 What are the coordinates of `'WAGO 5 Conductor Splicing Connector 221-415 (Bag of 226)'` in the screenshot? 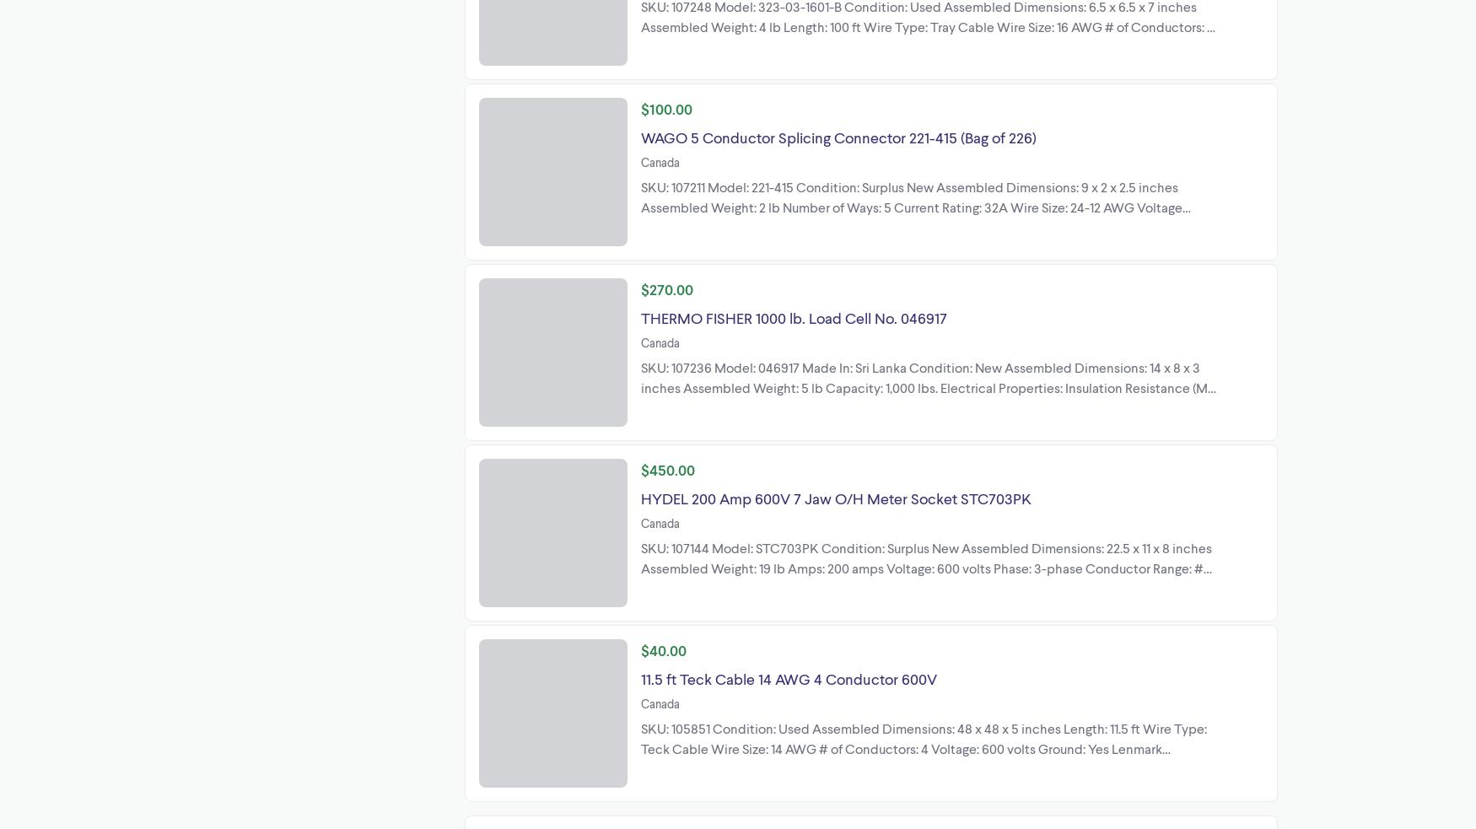 It's located at (838, 135).